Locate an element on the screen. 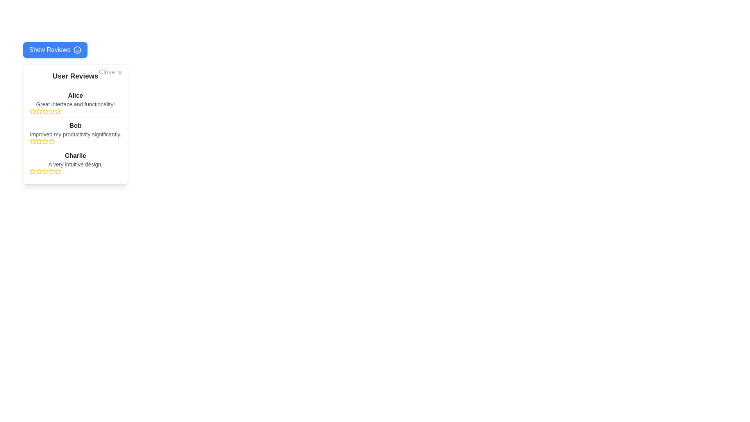  the first star icon in the second row of the rating section under the review titled 'Bob' is located at coordinates (38, 141).